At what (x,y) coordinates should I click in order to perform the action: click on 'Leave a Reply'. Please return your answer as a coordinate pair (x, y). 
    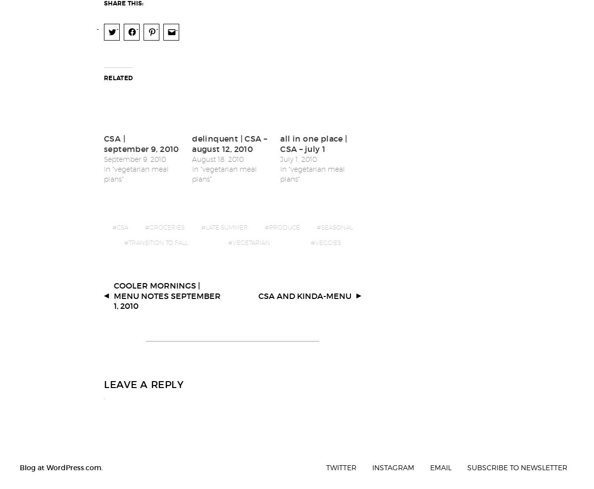
    Looking at the image, I should click on (143, 377).